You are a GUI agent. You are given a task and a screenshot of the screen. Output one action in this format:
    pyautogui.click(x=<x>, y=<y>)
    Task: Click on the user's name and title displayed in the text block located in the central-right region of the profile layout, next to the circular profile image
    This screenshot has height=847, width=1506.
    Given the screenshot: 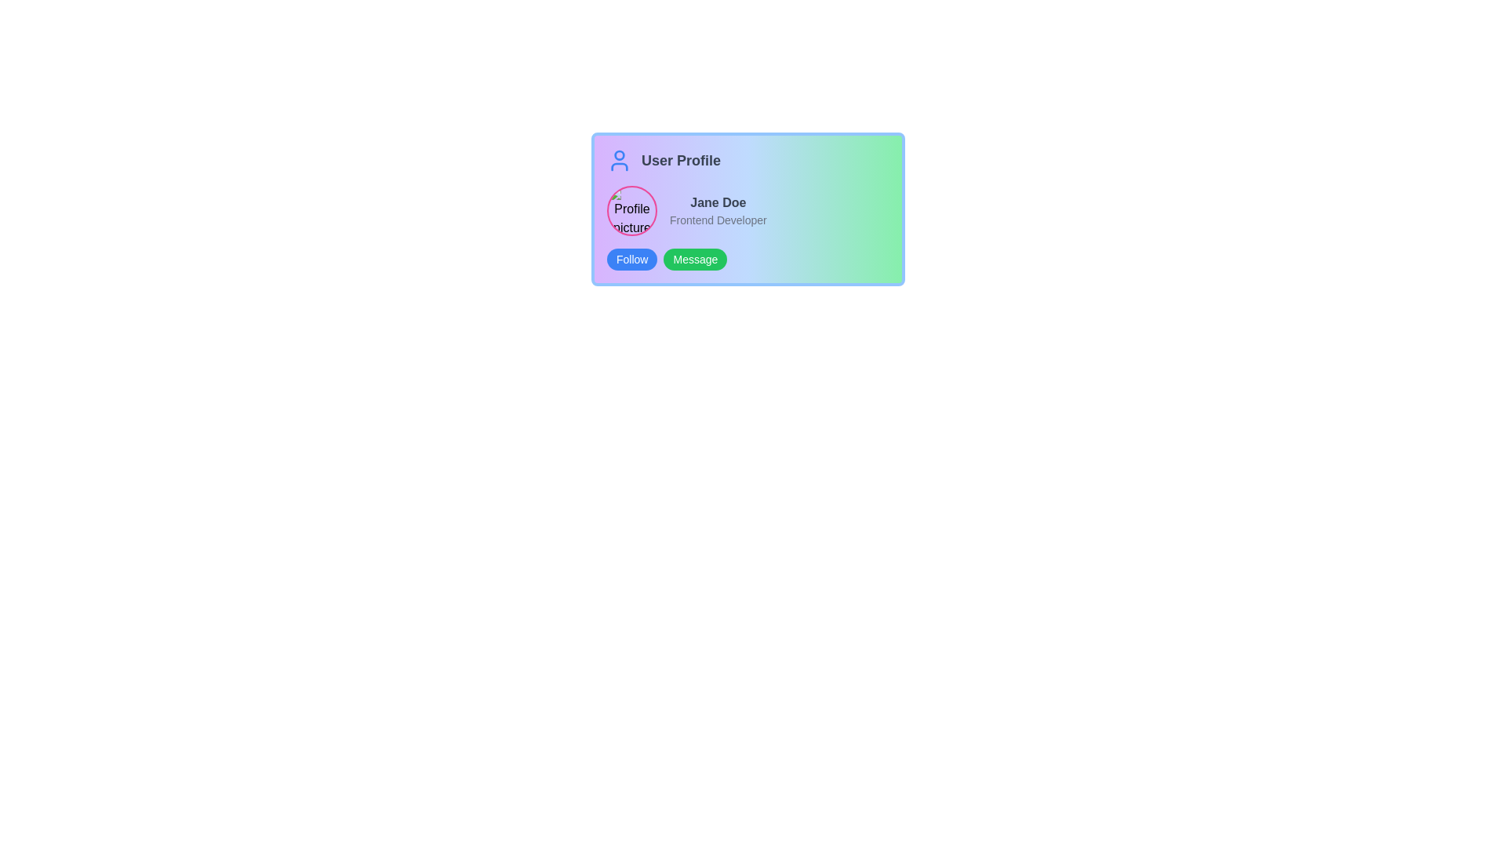 What is the action you would take?
    pyautogui.click(x=717, y=210)
    